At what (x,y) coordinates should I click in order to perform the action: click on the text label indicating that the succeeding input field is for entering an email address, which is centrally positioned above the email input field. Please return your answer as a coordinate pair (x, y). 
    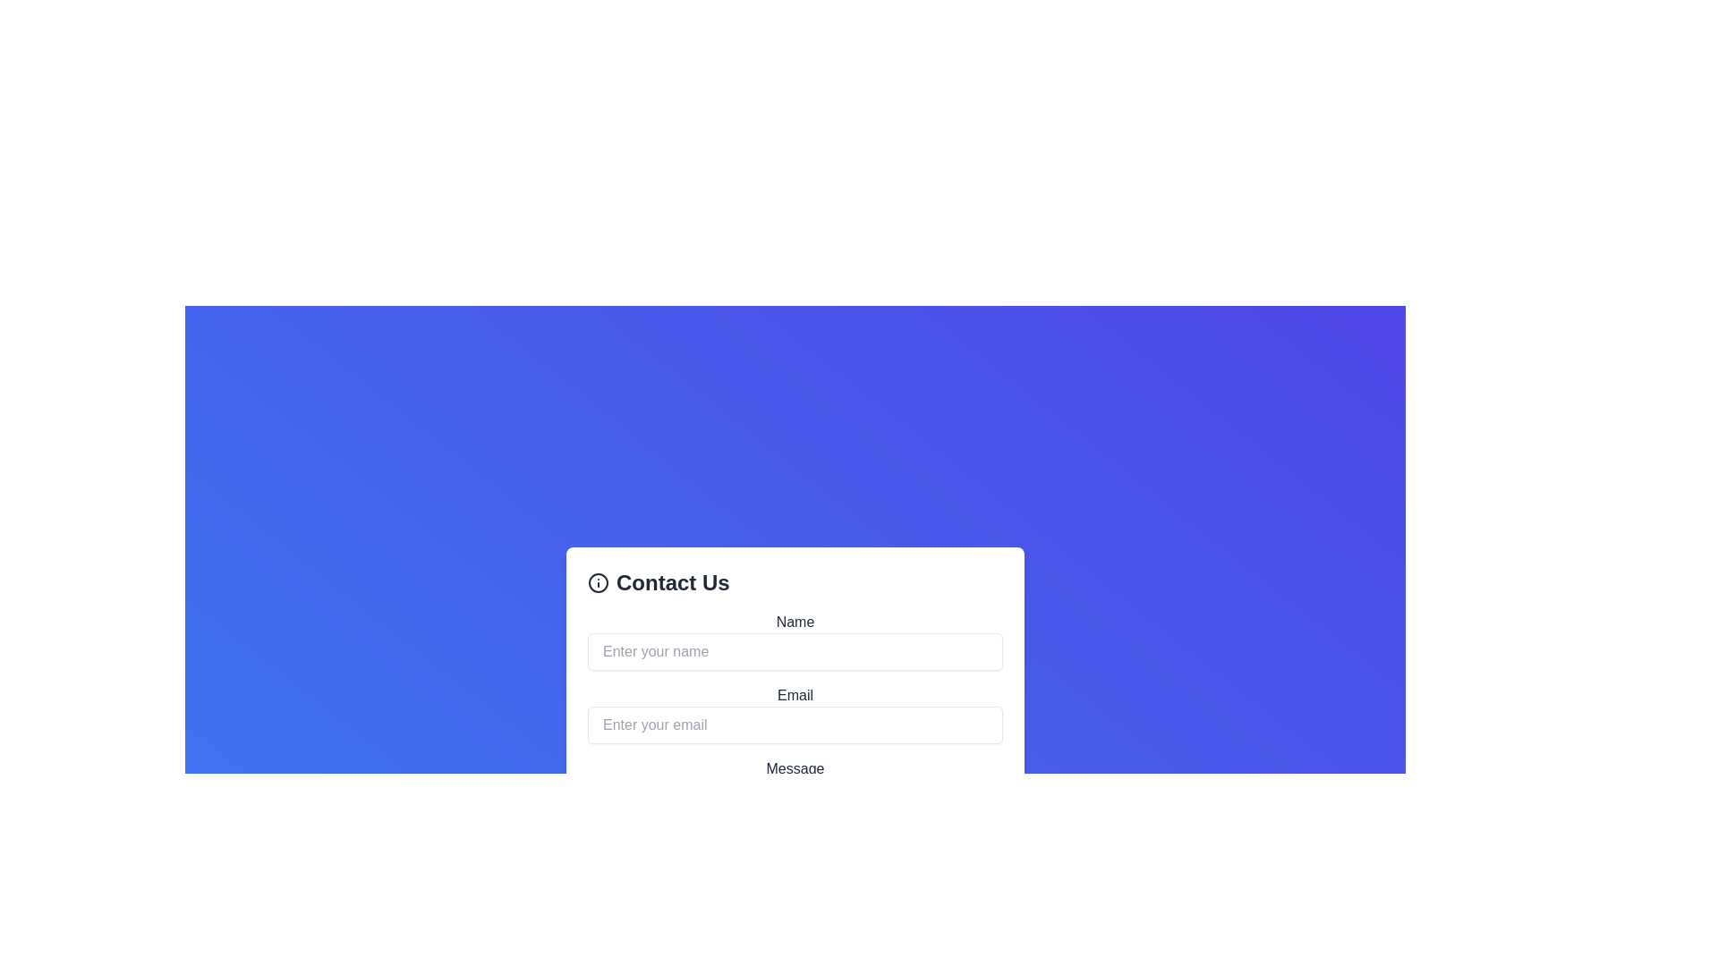
    Looking at the image, I should click on (794, 694).